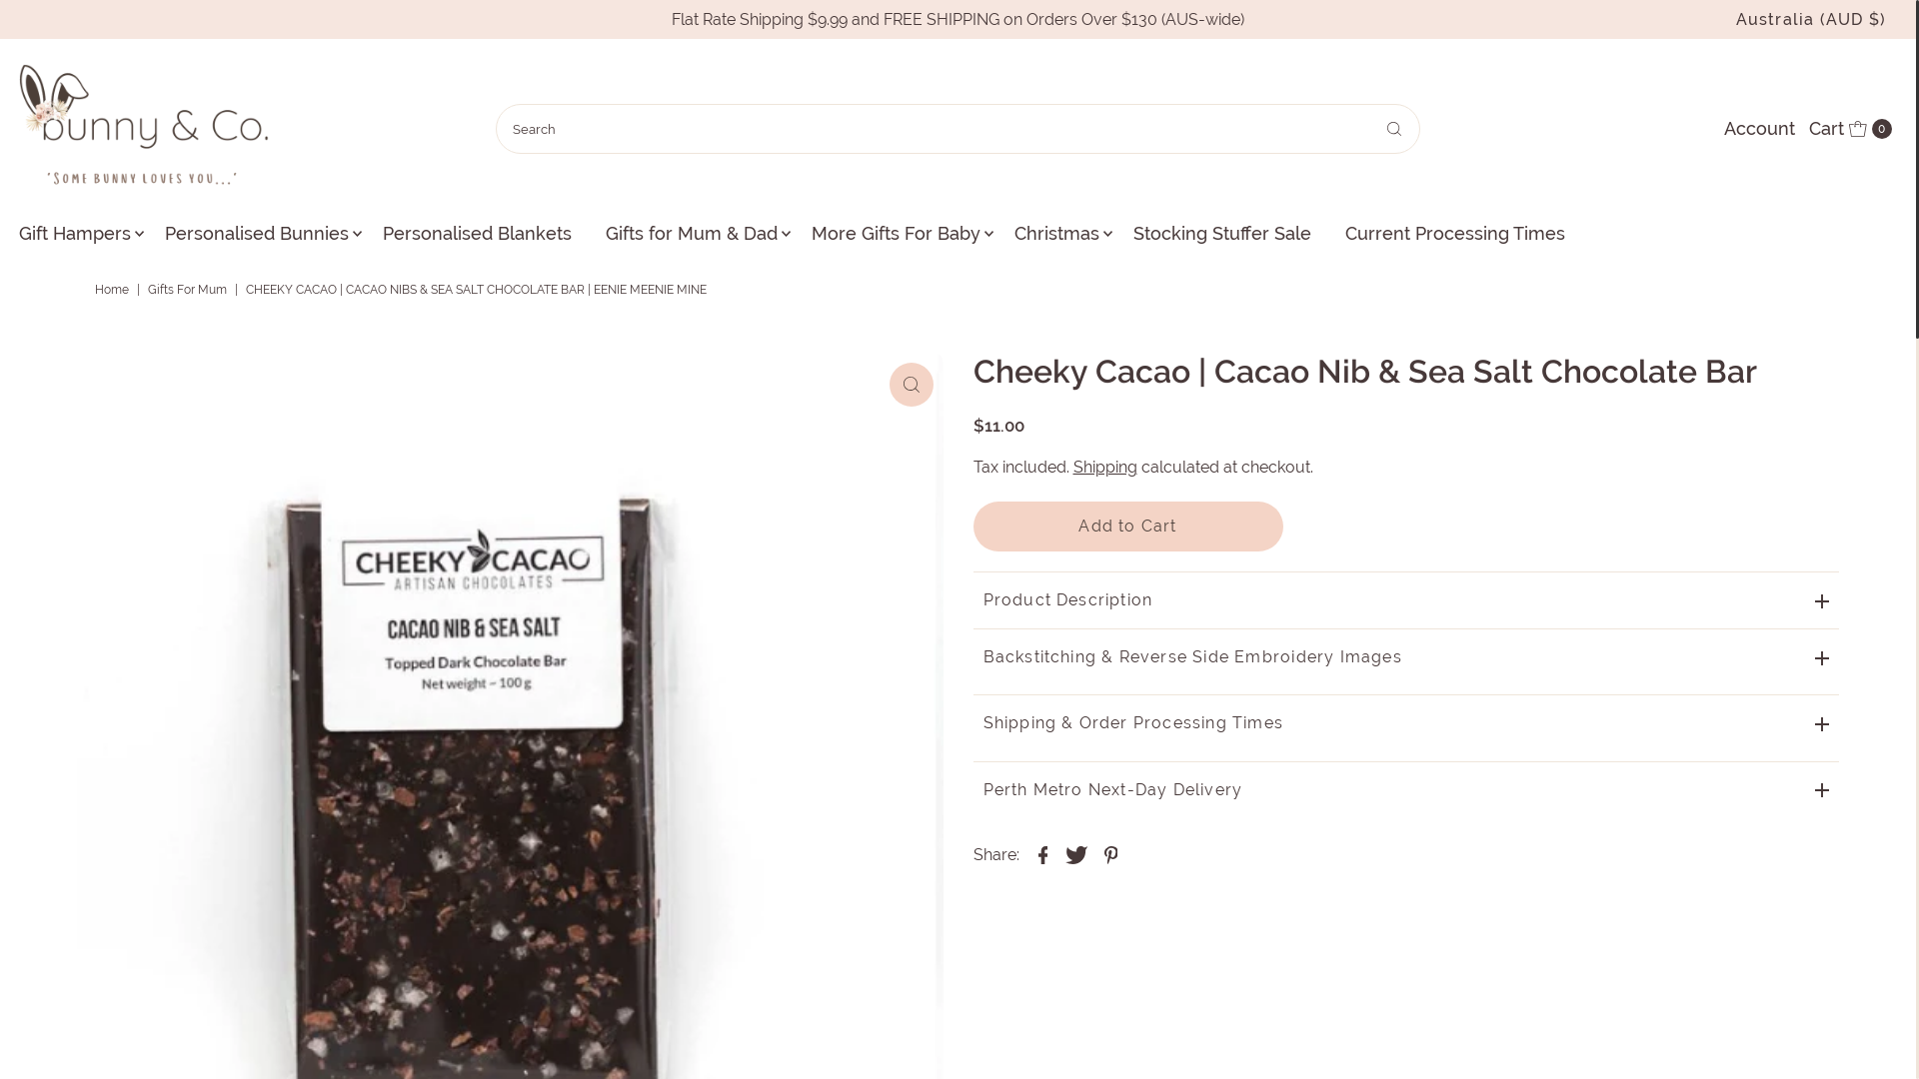  What do you see at coordinates (256, 233) in the screenshot?
I see `'Personalised Bunnies'` at bounding box center [256, 233].